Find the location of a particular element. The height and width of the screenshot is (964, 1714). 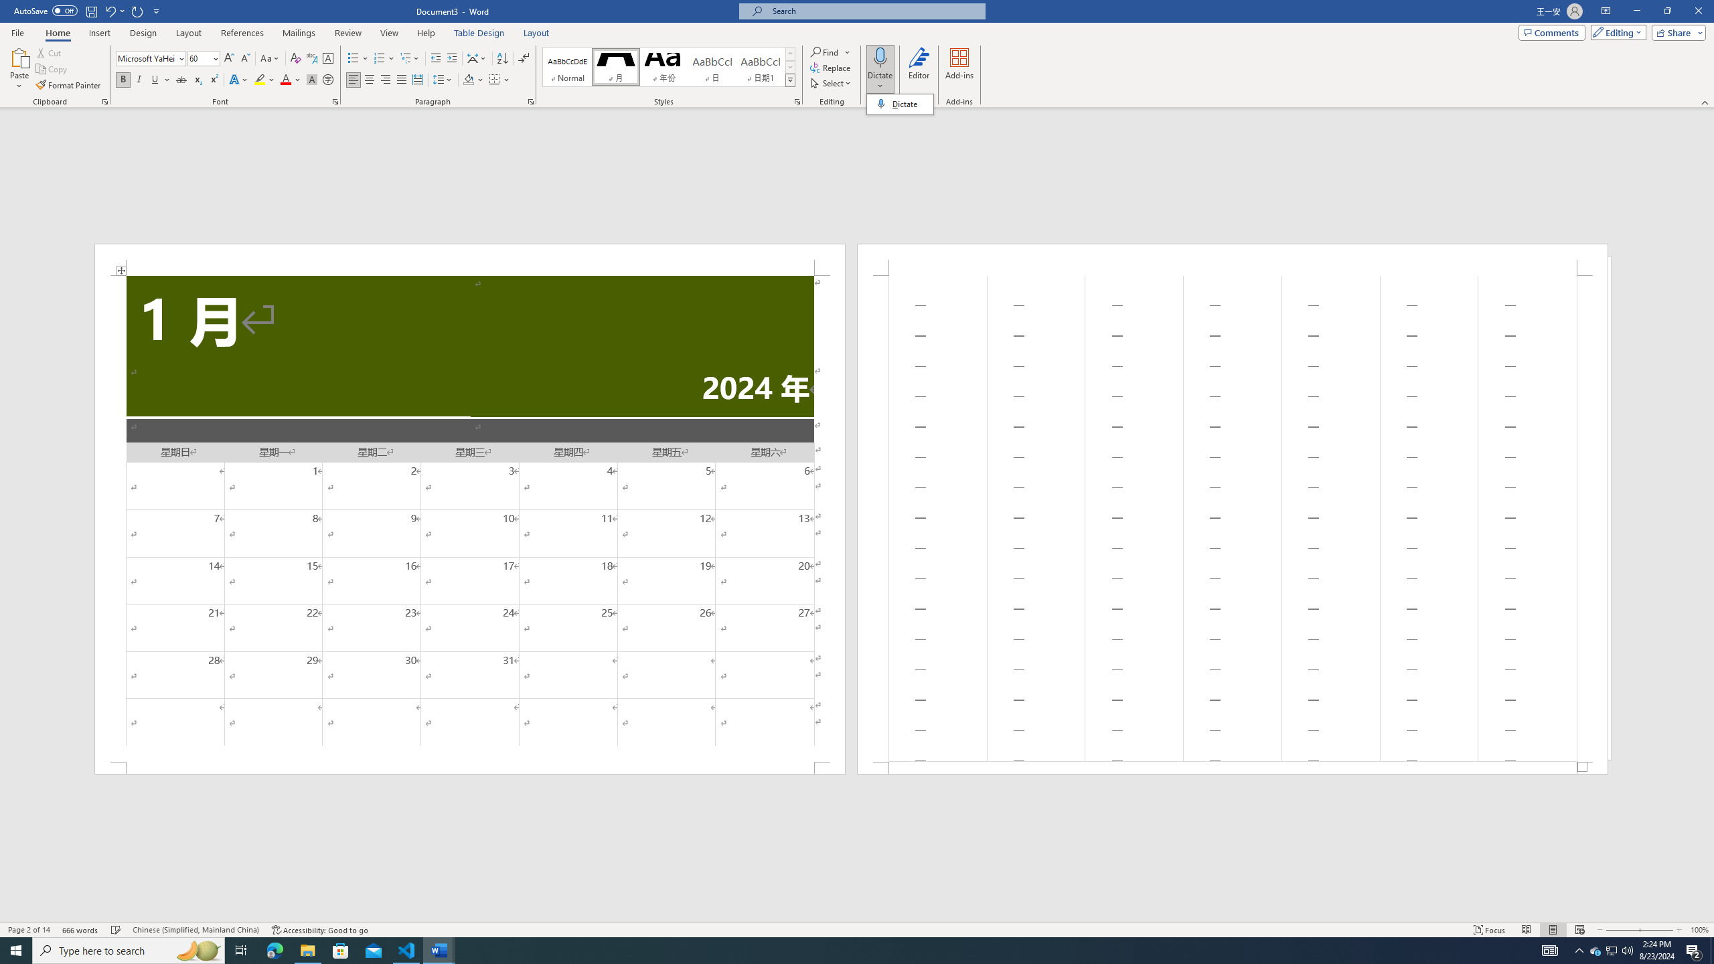

'Bold' is located at coordinates (123, 79).